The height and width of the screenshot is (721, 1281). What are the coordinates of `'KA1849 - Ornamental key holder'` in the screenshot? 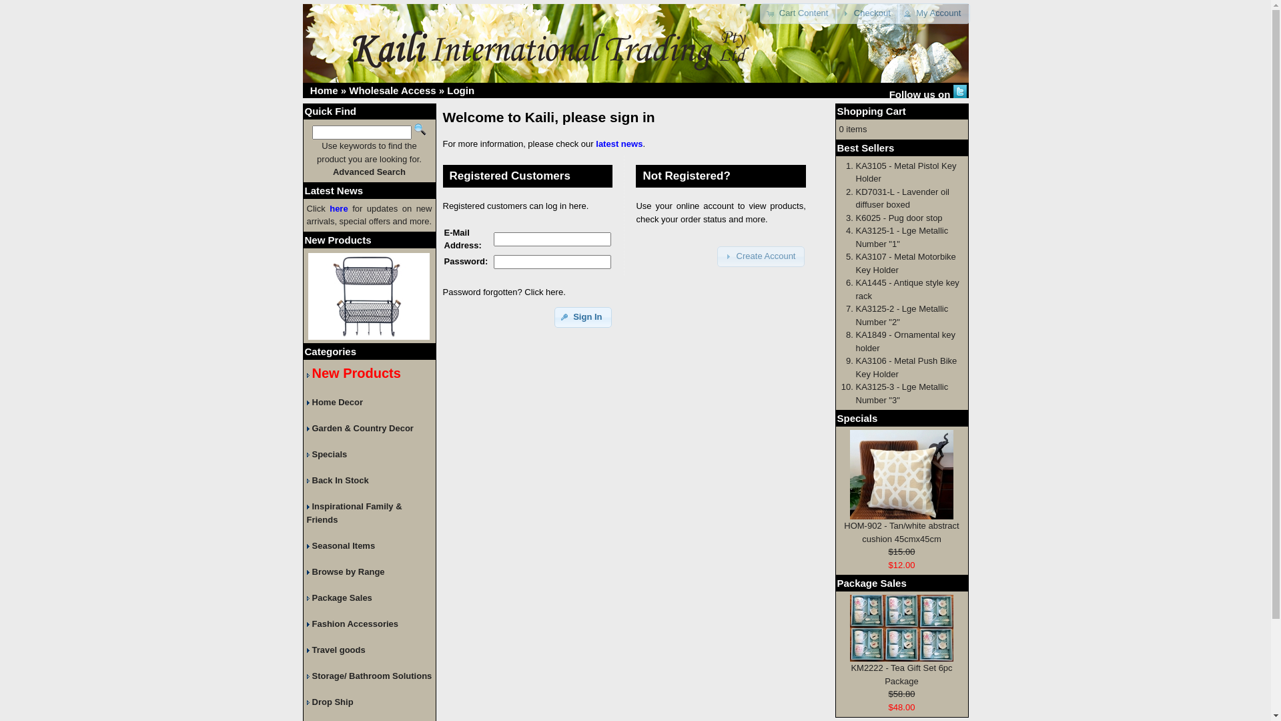 It's located at (905, 340).